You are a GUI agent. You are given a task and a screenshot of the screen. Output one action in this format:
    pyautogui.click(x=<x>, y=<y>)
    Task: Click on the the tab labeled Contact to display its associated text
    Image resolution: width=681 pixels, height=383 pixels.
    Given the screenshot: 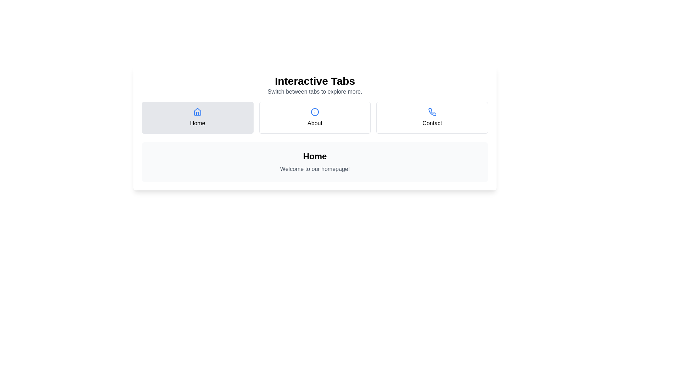 What is the action you would take?
    pyautogui.click(x=432, y=117)
    